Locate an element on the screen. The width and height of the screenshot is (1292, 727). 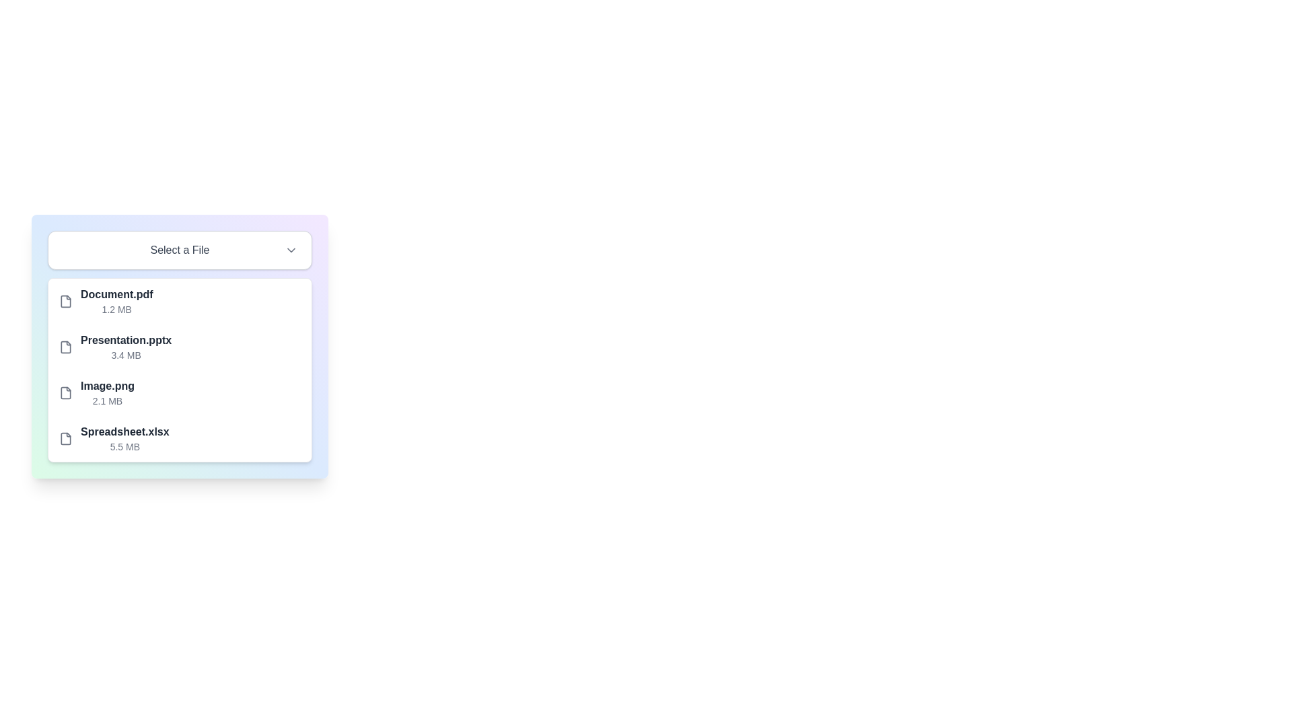
text label that indicates the title or purpose of the associated dropdown interface, positioned above the list of file options is located at coordinates (179, 250).